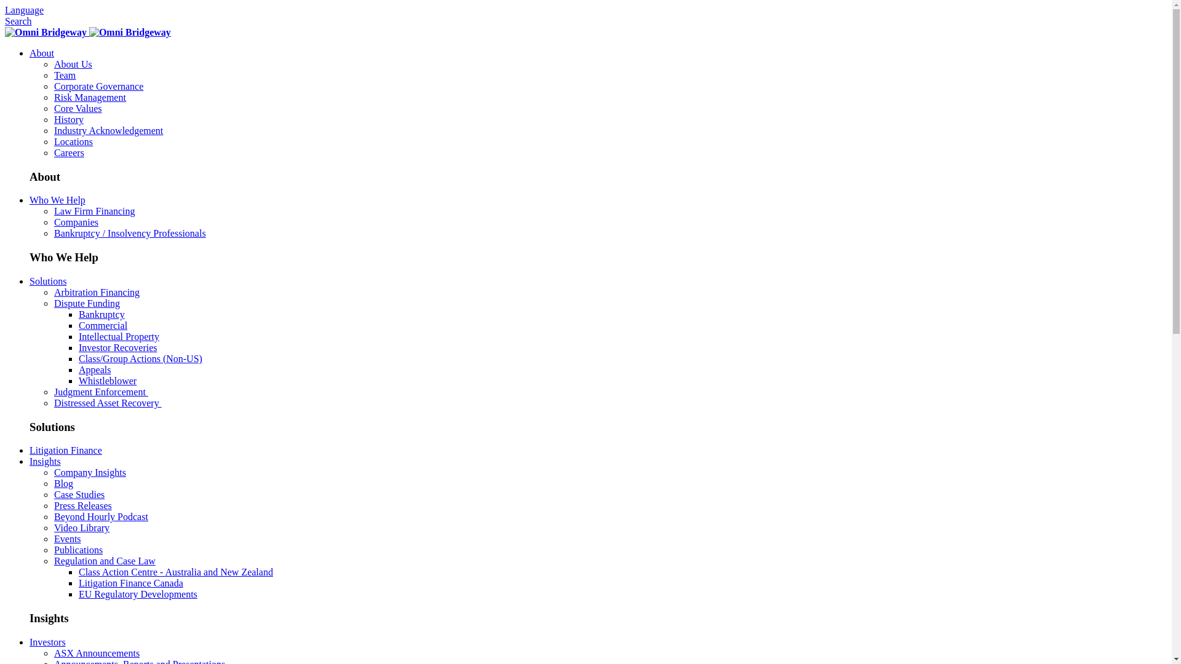 The height and width of the screenshot is (664, 1181). Describe the element at coordinates (53, 75) in the screenshot. I see `'Team'` at that location.